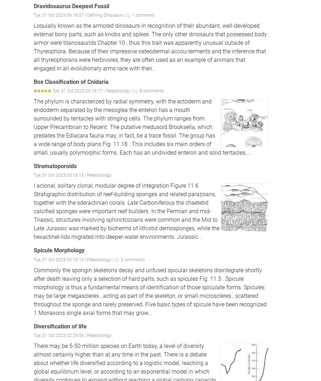 Image resolution: width=321 pixels, height=381 pixels. Describe the element at coordinates (60, 259) in the screenshot. I see `'Tue, 31 Oct 2023 03:16:10                                    |'` at that location.